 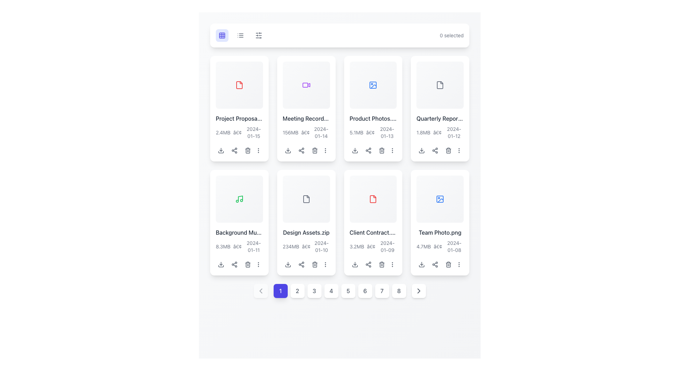 I want to click on the leftmost control or settings icon in the toolbar to trigger a tooltip if available, so click(x=258, y=35).